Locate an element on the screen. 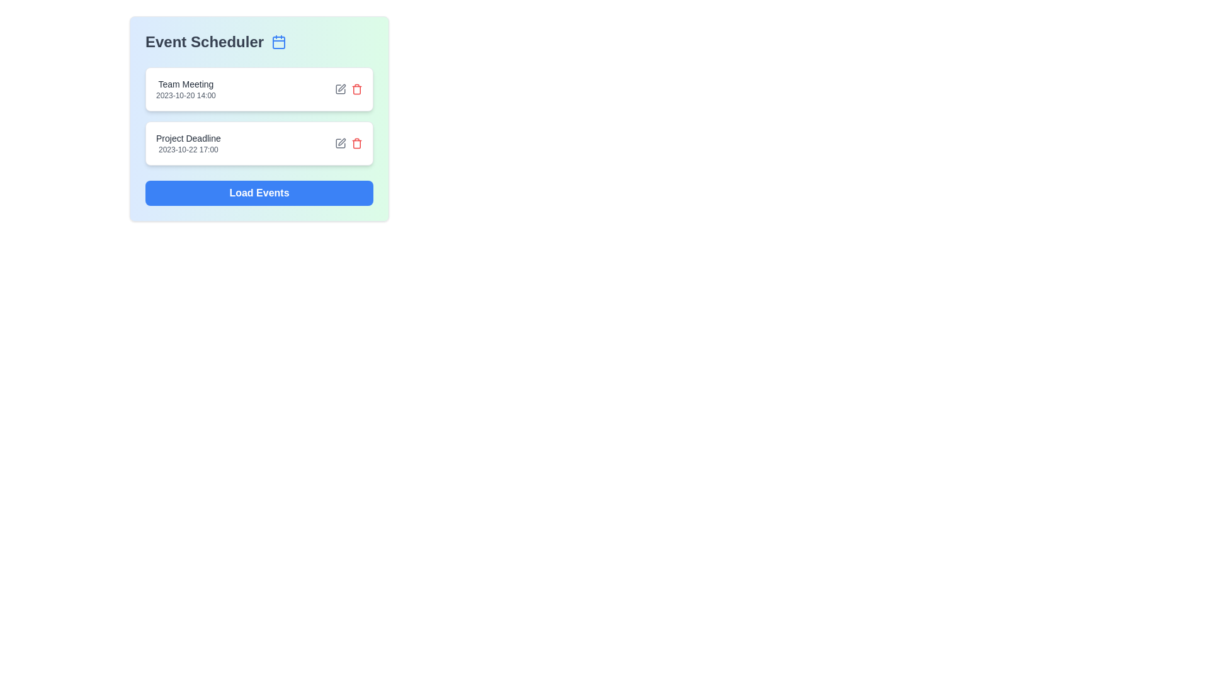 This screenshot has width=1209, height=680. the Text label that displays the name of a scheduled event, located at the top of a grouped event block is located at coordinates (185, 84).